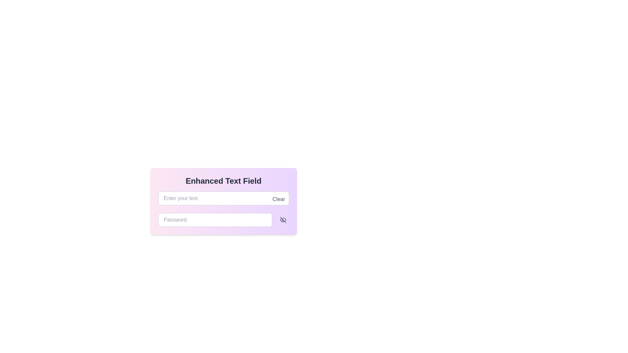 The image size is (628, 353). Describe the element at coordinates (283, 220) in the screenshot. I see `the icon button for toggling password visibility, which is positioned to the right of the password input field` at that location.